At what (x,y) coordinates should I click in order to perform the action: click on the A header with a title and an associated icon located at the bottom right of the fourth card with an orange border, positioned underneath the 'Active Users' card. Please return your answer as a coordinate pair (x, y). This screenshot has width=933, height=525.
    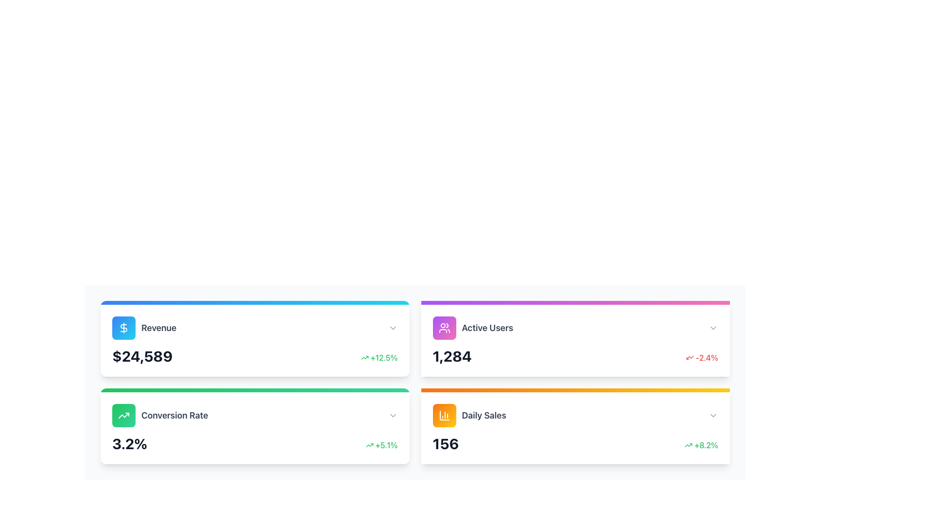
    Looking at the image, I should click on (469, 416).